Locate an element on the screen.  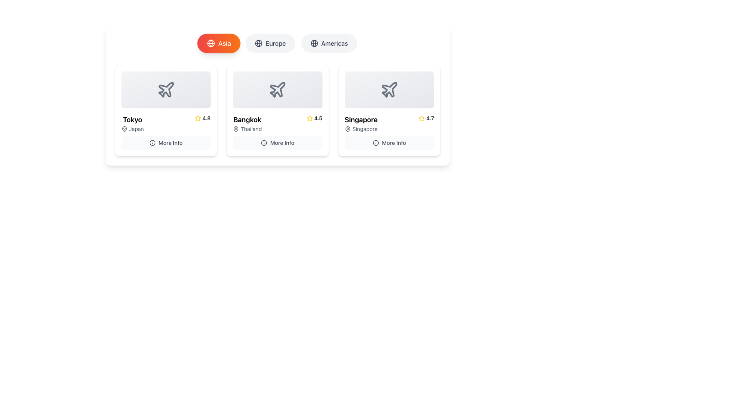
the travel destination card for Singapore, which is the third card in a horizontal sequence, to view its rating or description is located at coordinates (389, 131).